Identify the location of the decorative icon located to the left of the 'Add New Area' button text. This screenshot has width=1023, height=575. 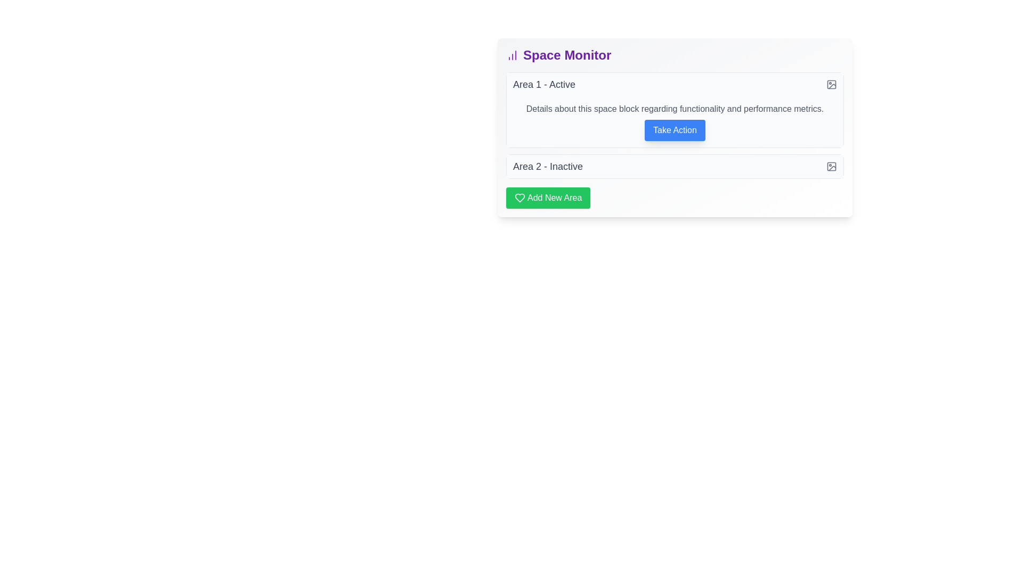
(519, 198).